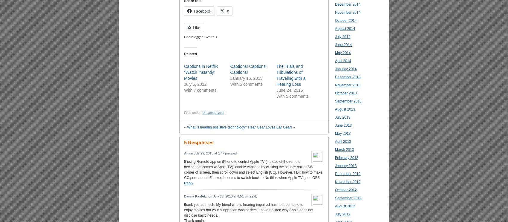  Describe the element at coordinates (248, 210) in the screenshot. I see `'thank you so much. My friend who is hearing impaired has not been able to enjoy movies but your suggestion was perfect. I have no idea why Apple does not disclose basic needs.'` at that location.